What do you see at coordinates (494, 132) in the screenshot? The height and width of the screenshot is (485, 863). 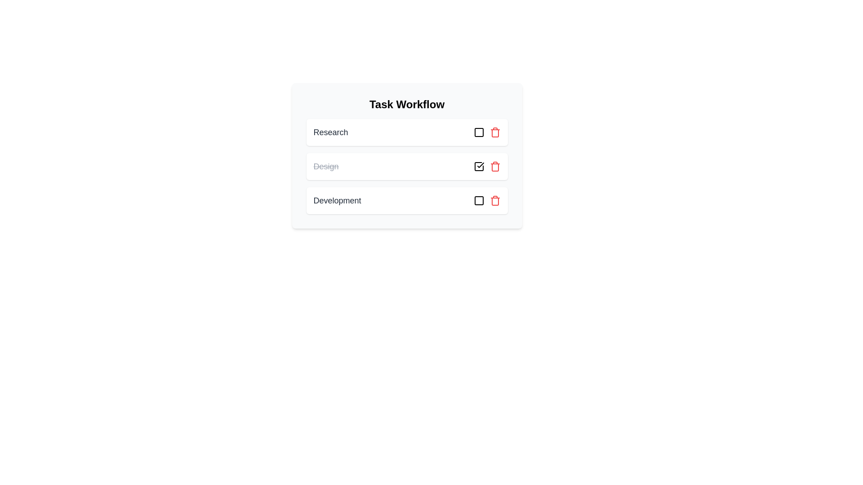 I see `the task Research from the list` at bounding box center [494, 132].